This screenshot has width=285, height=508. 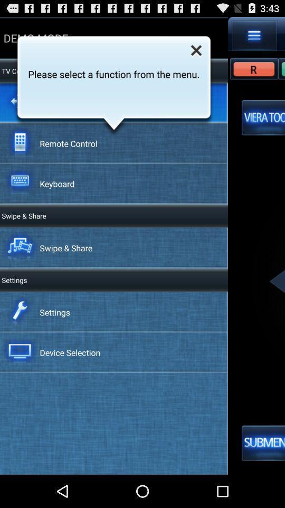 What do you see at coordinates (196, 53) in the screenshot?
I see `the close icon` at bounding box center [196, 53].